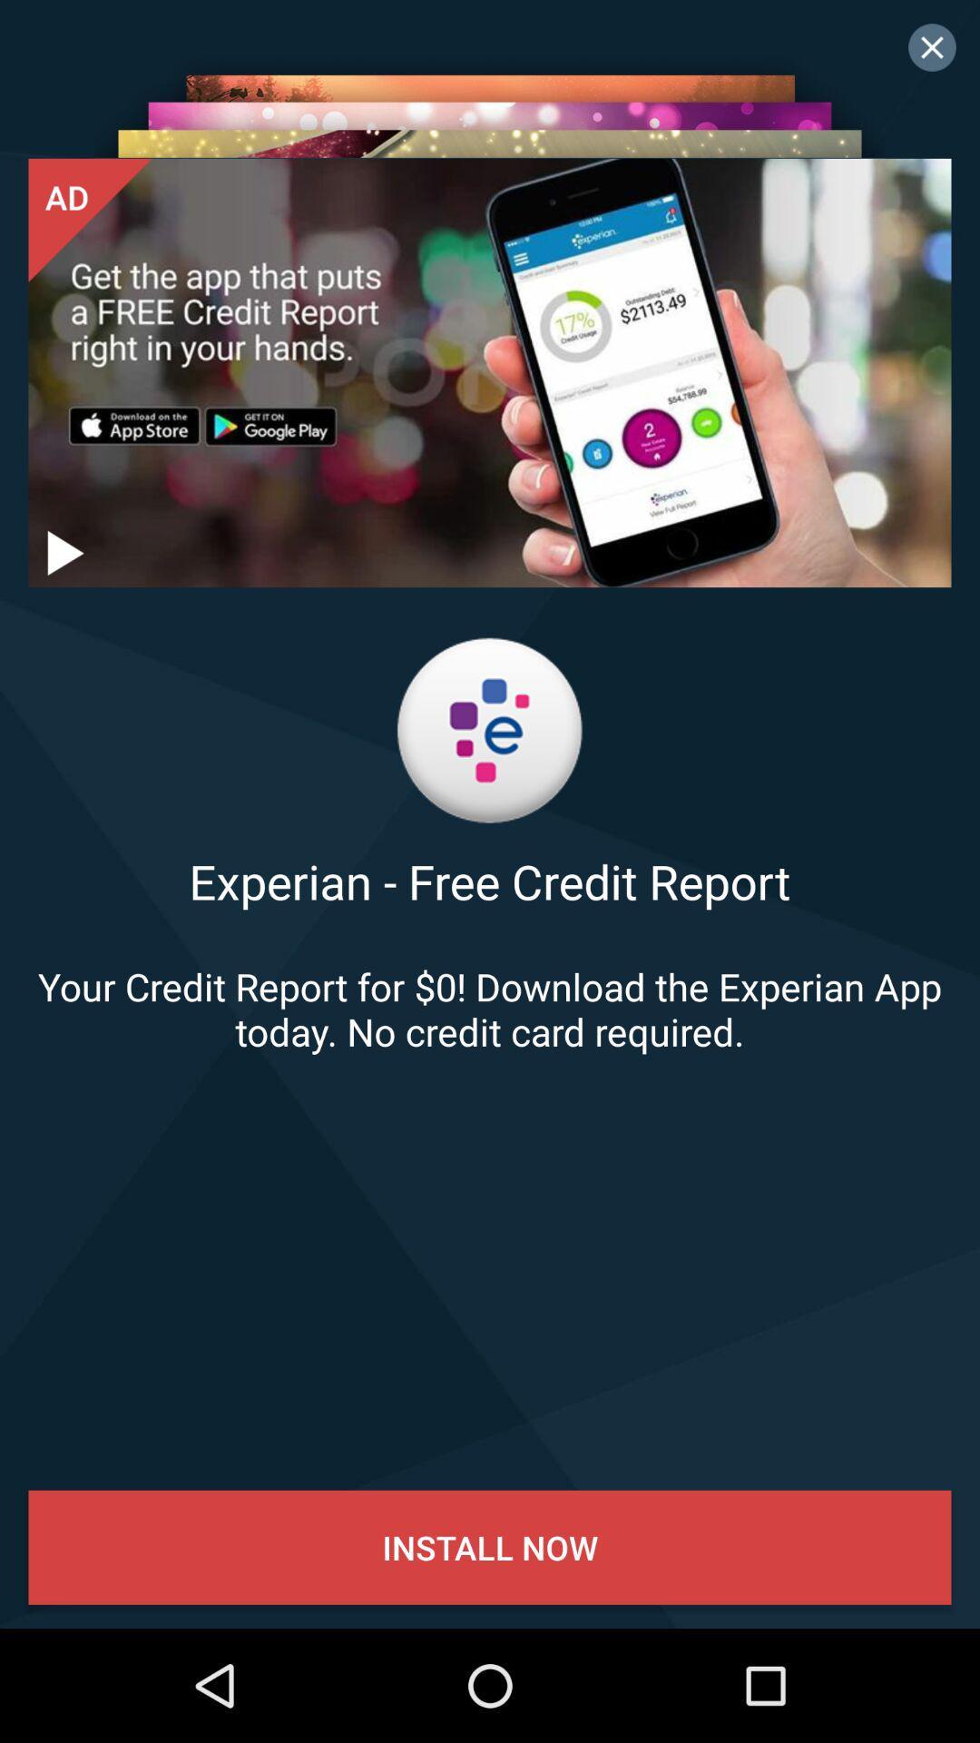 The width and height of the screenshot is (980, 1743). Describe the element at coordinates (490, 1546) in the screenshot. I see `the icon below your credit report app` at that location.